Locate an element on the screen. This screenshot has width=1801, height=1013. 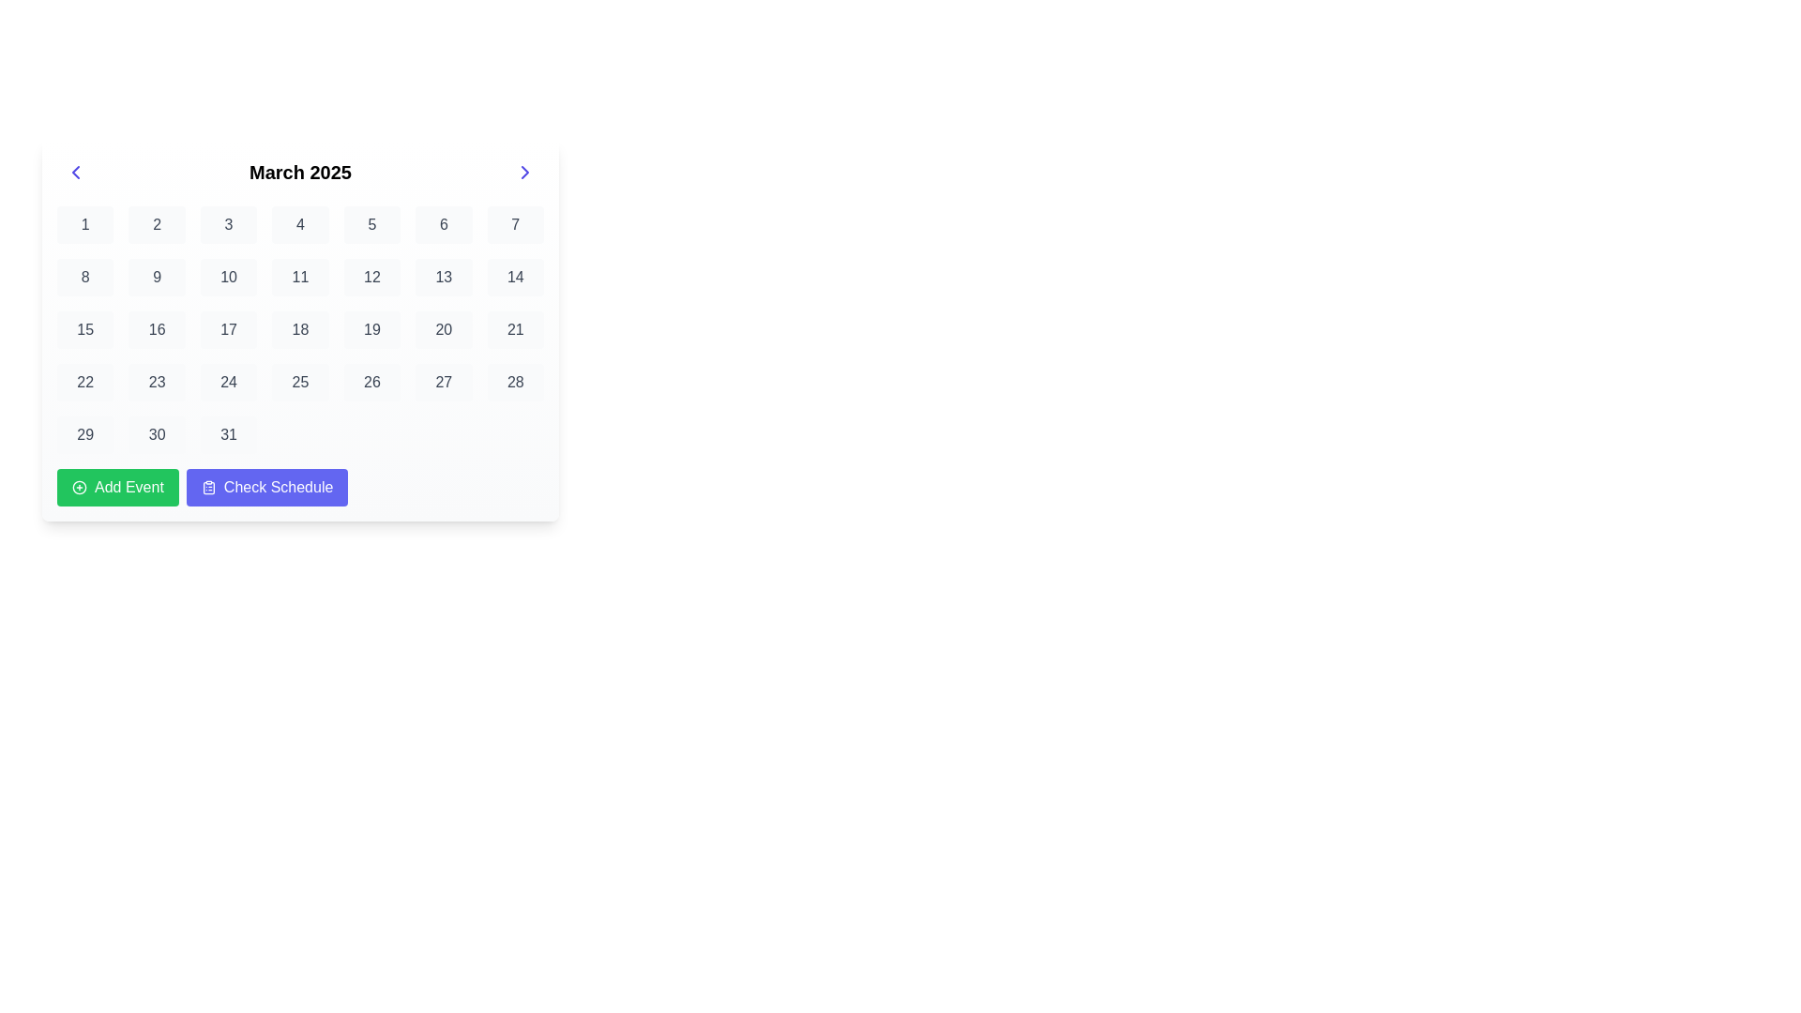
the text box displaying the number '22' in the March 2025 calendar is located at coordinates (84, 382).